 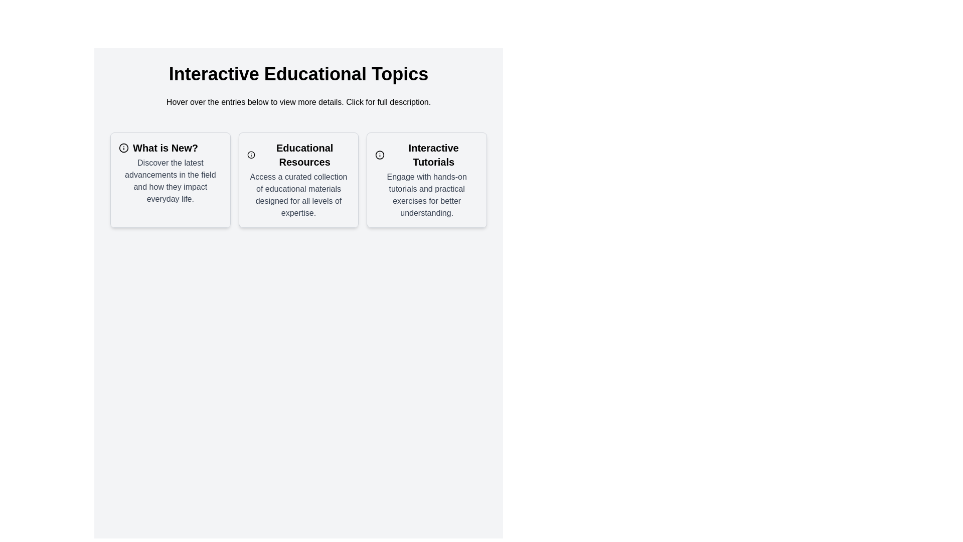 What do you see at coordinates (379, 155) in the screenshot?
I see `the SVG circle element that is part of the icon group for 'Educational Resources', which is centrally aligned and denotes informational context` at bounding box center [379, 155].